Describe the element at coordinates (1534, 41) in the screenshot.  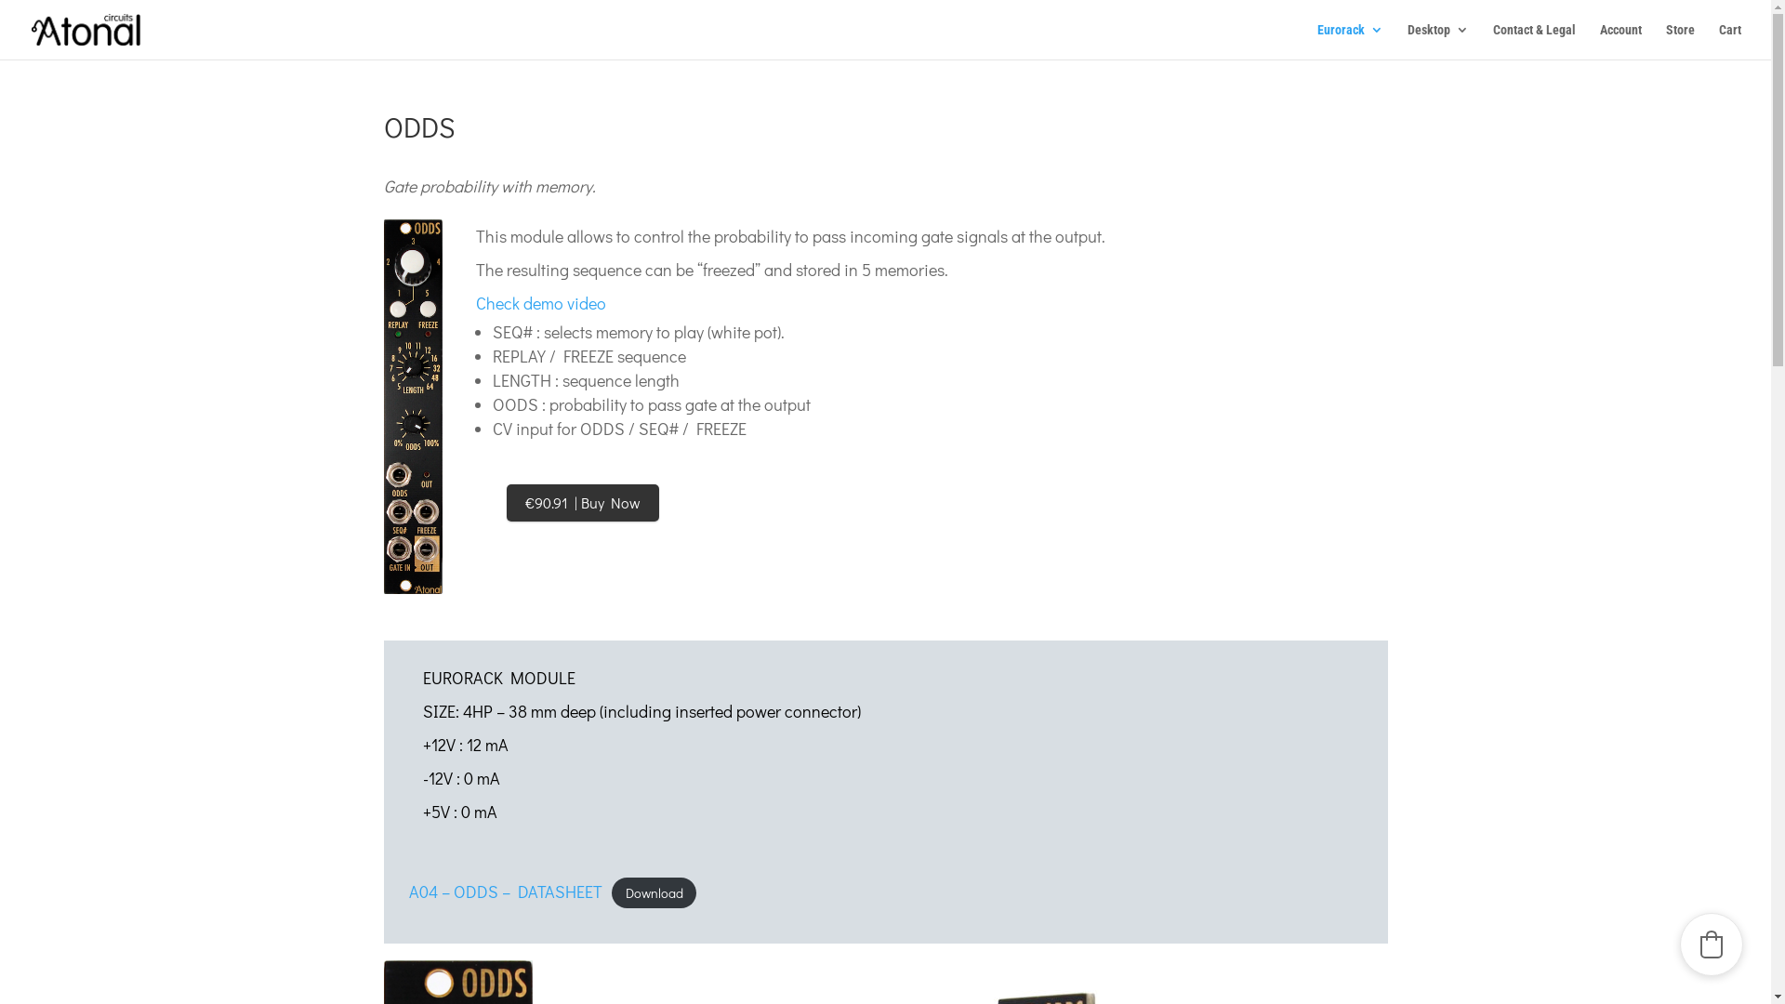
I see `'Contact & Legal'` at that location.